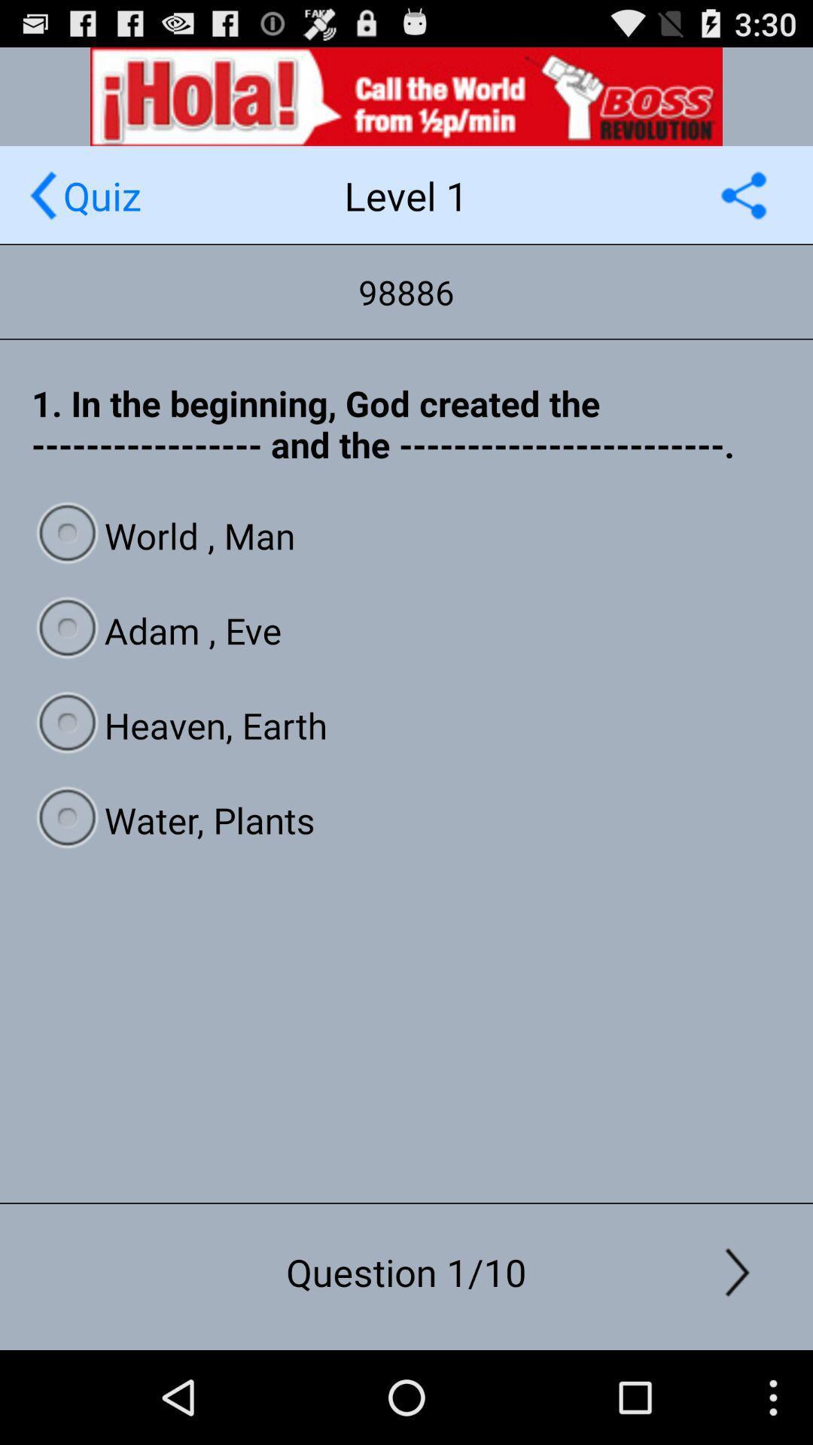  Describe the element at coordinates (743, 194) in the screenshot. I see `share option` at that location.